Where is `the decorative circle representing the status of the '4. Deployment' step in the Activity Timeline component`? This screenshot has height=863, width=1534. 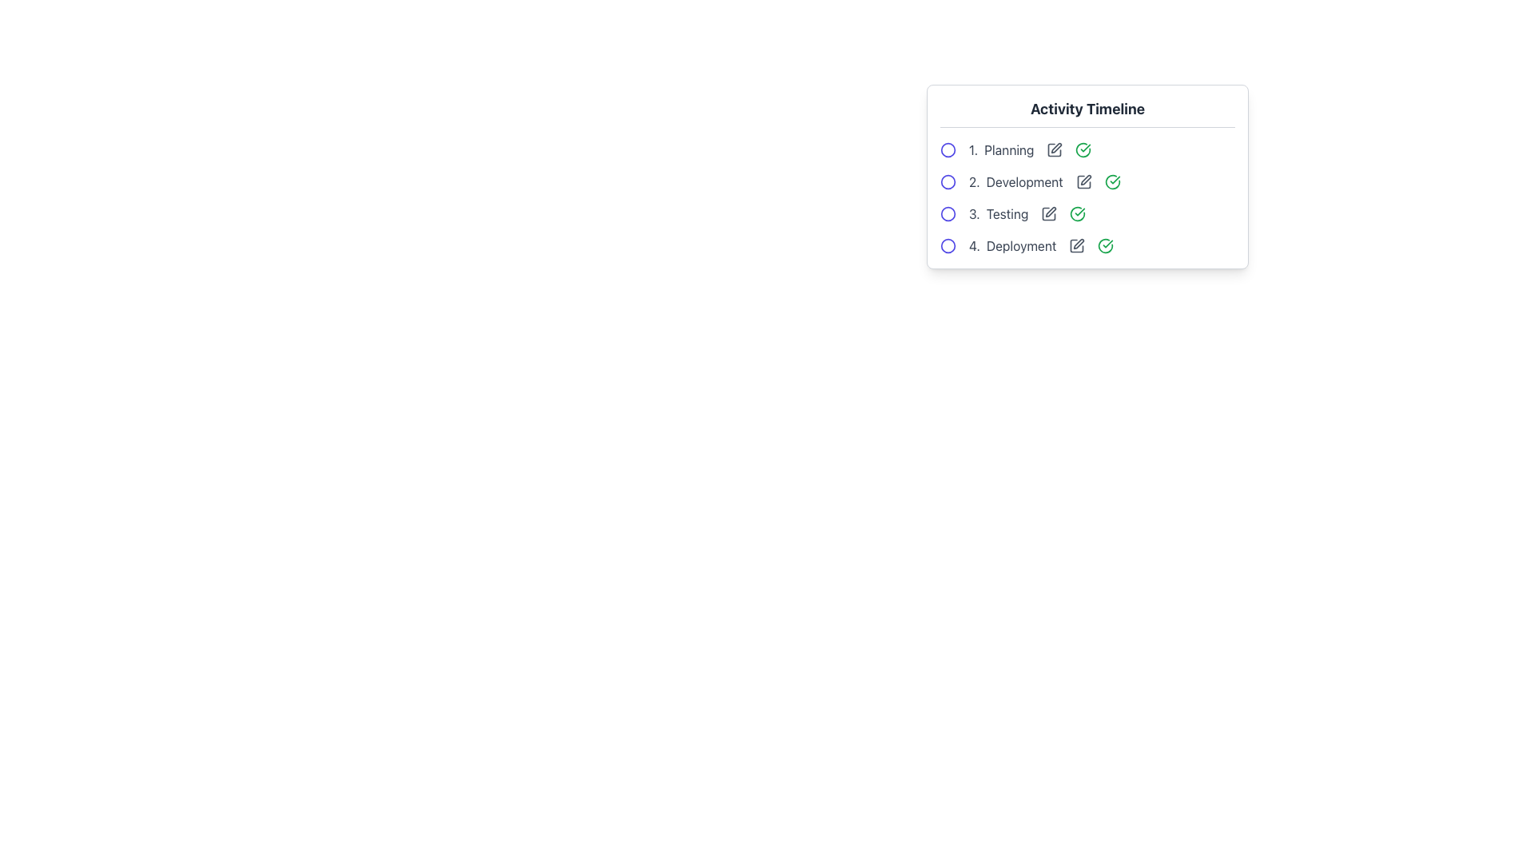
the decorative circle representing the status of the '4. Deployment' step in the Activity Timeline component is located at coordinates (948, 246).